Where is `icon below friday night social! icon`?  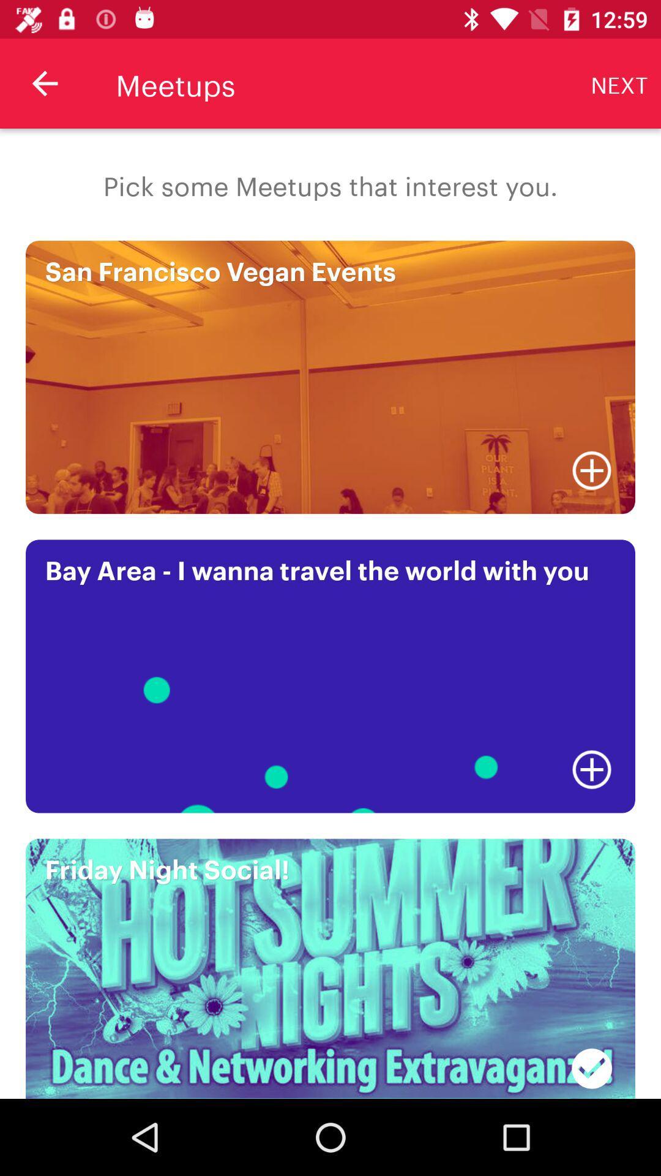 icon below friday night social! icon is located at coordinates (591, 1061).